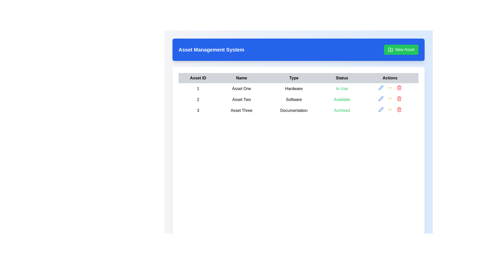  Describe the element at coordinates (241, 110) in the screenshot. I see `the 'Asset Three' label in the third row of the table to inspect its details` at that location.